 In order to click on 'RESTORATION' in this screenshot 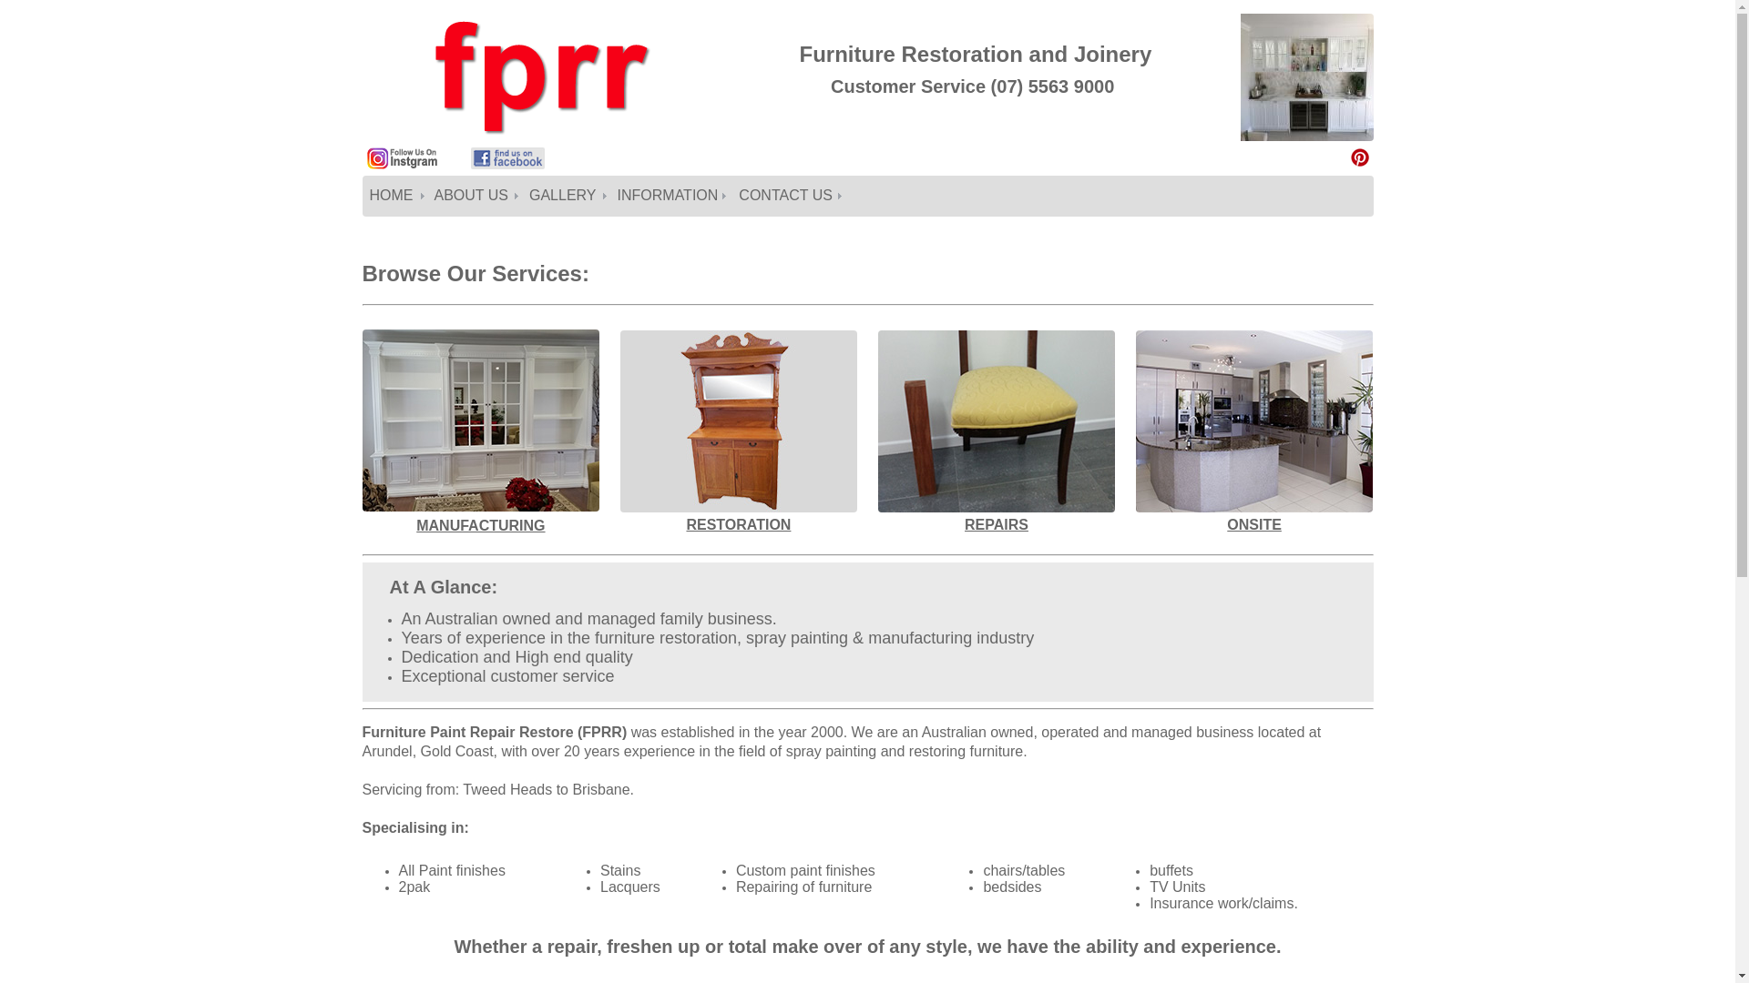, I will do `click(738, 525)`.